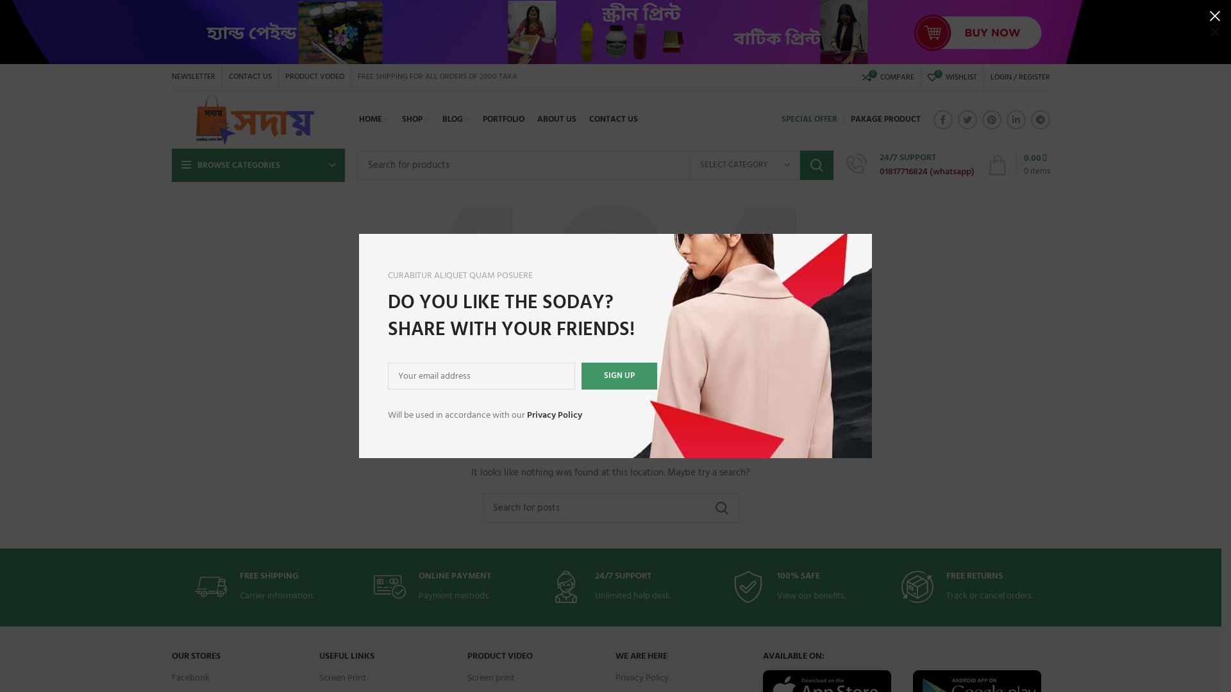 Image resolution: width=1231 pixels, height=692 pixels. I want to click on 'Sign up', so click(619, 375).